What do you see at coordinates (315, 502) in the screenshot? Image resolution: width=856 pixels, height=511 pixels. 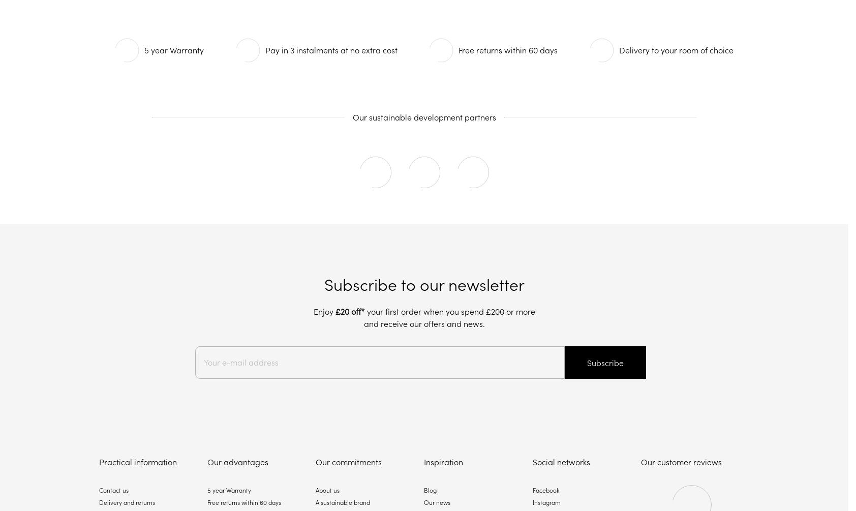 I see `'A sustainable brand'` at bounding box center [315, 502].